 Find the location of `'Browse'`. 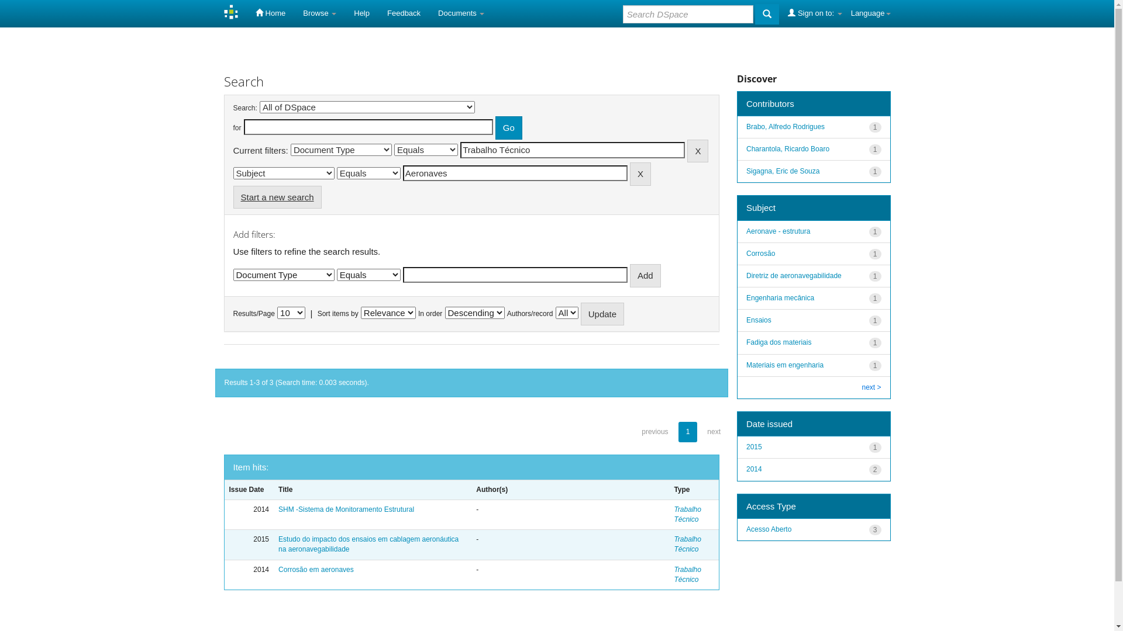

'Browse' is located at coordinates (319, 13).